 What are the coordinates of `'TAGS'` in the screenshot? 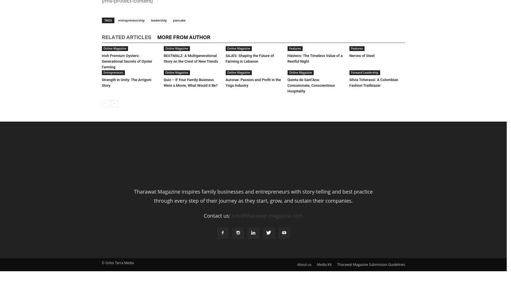 It's located at (108, 20).